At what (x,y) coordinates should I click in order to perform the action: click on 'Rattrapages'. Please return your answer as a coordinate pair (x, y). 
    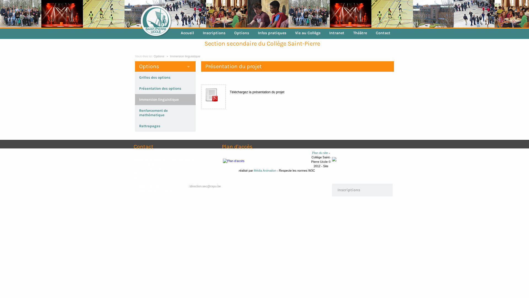
    Looking at the image, I should click on (150, 126).